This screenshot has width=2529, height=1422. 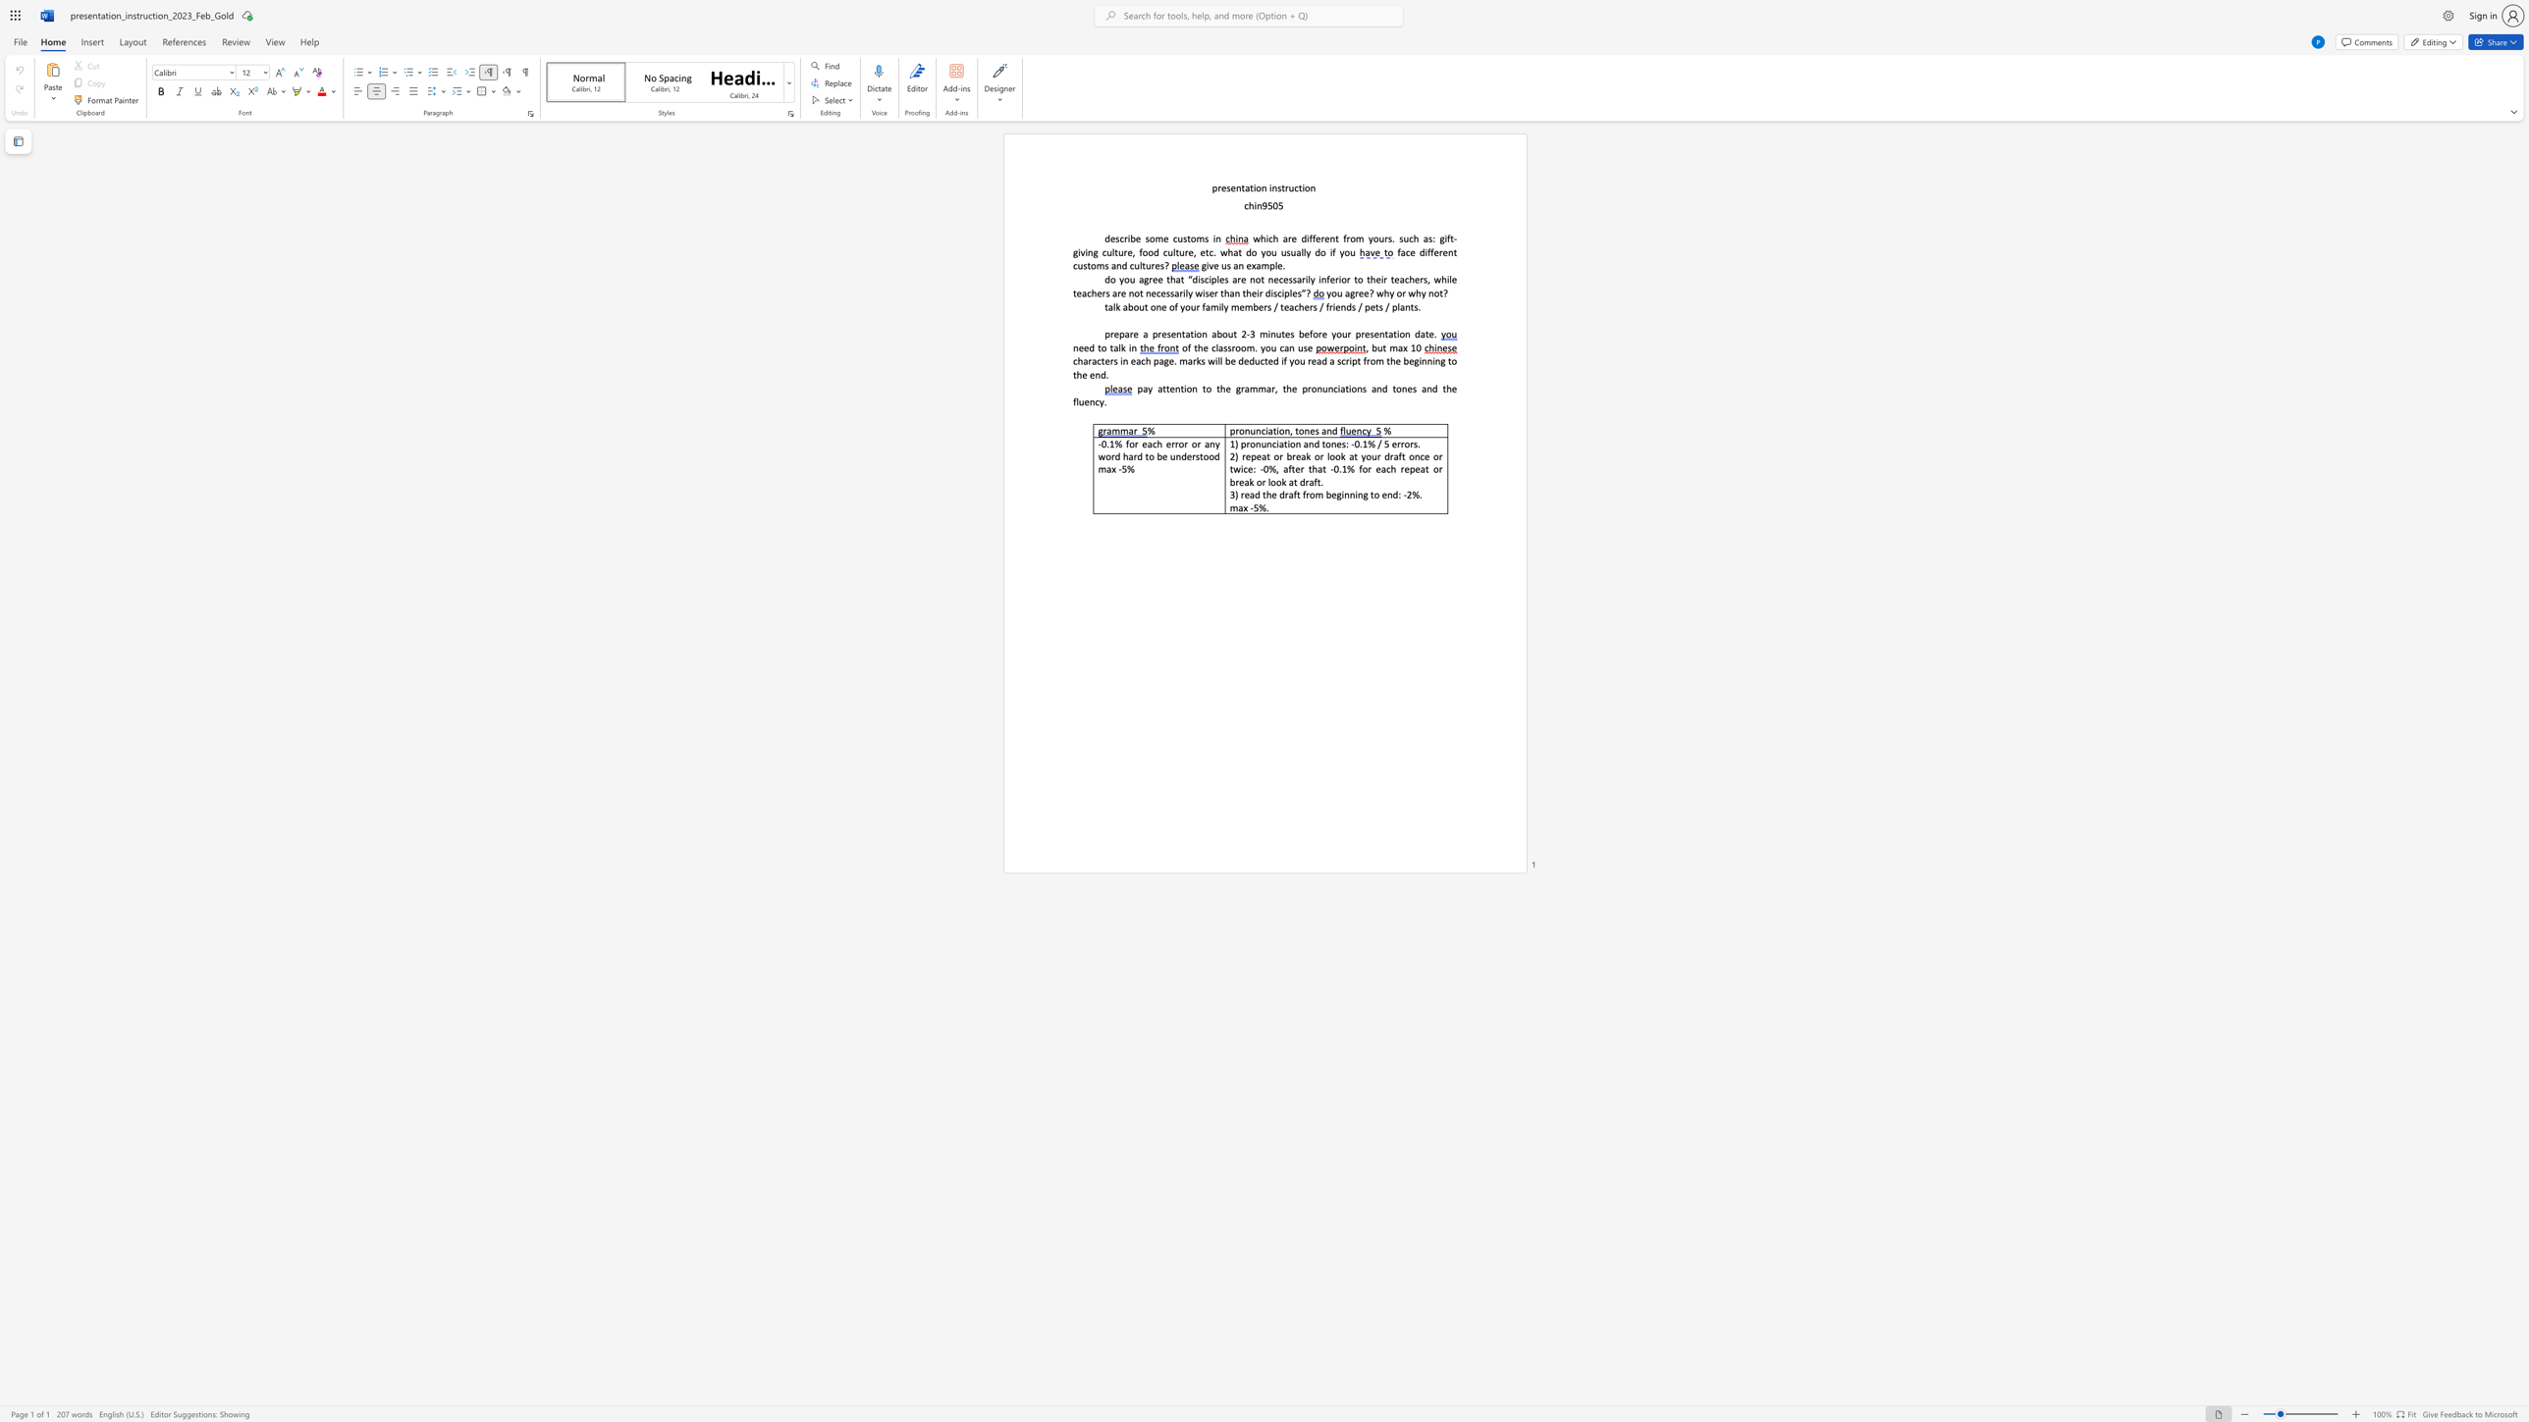 I want to click on the subset text "some c" within the text "escribe some customs in", so click(x=1144, y=237).